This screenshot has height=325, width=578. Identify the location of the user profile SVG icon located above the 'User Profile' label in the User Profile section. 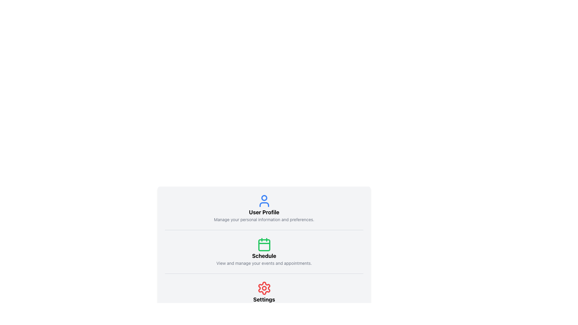
(264, 201).